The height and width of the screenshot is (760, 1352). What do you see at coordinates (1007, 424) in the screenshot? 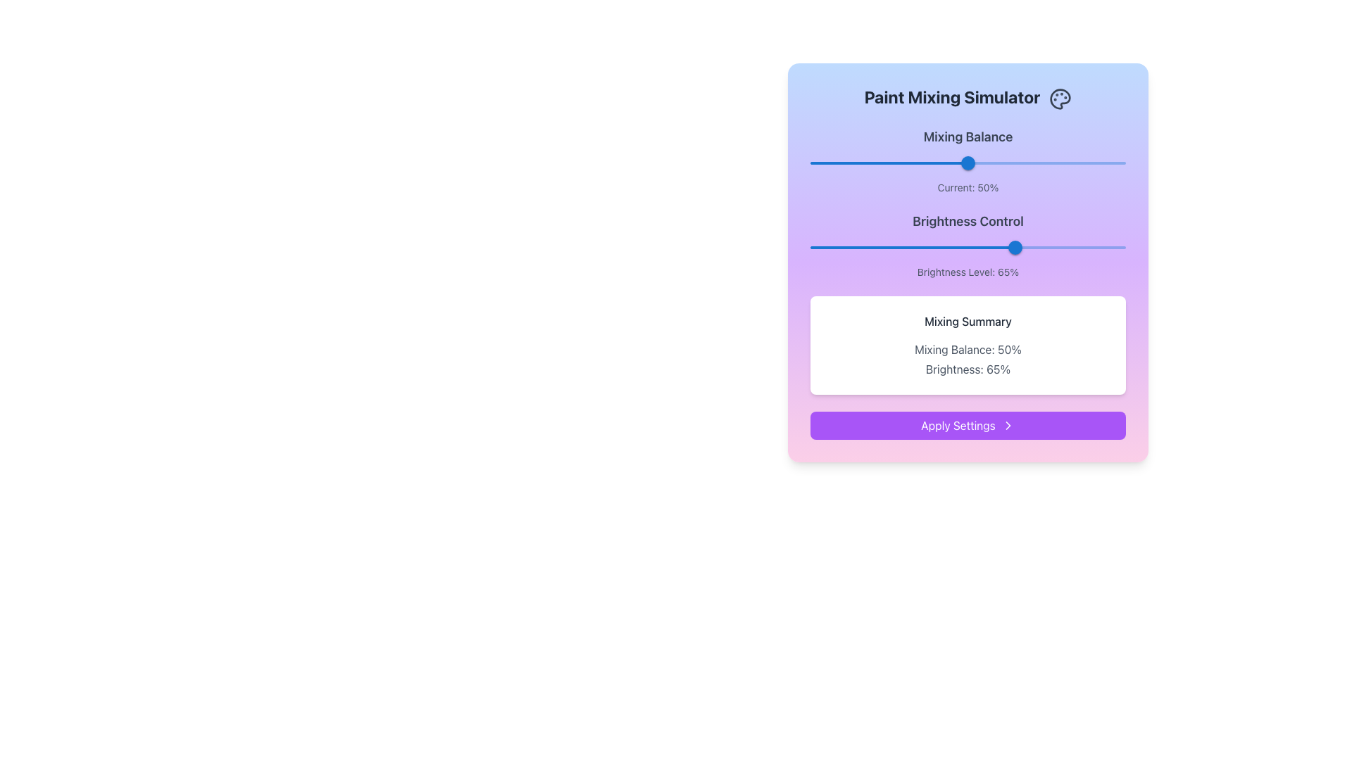
I see `the right chevron icon` at bounding box center [1007, 424].